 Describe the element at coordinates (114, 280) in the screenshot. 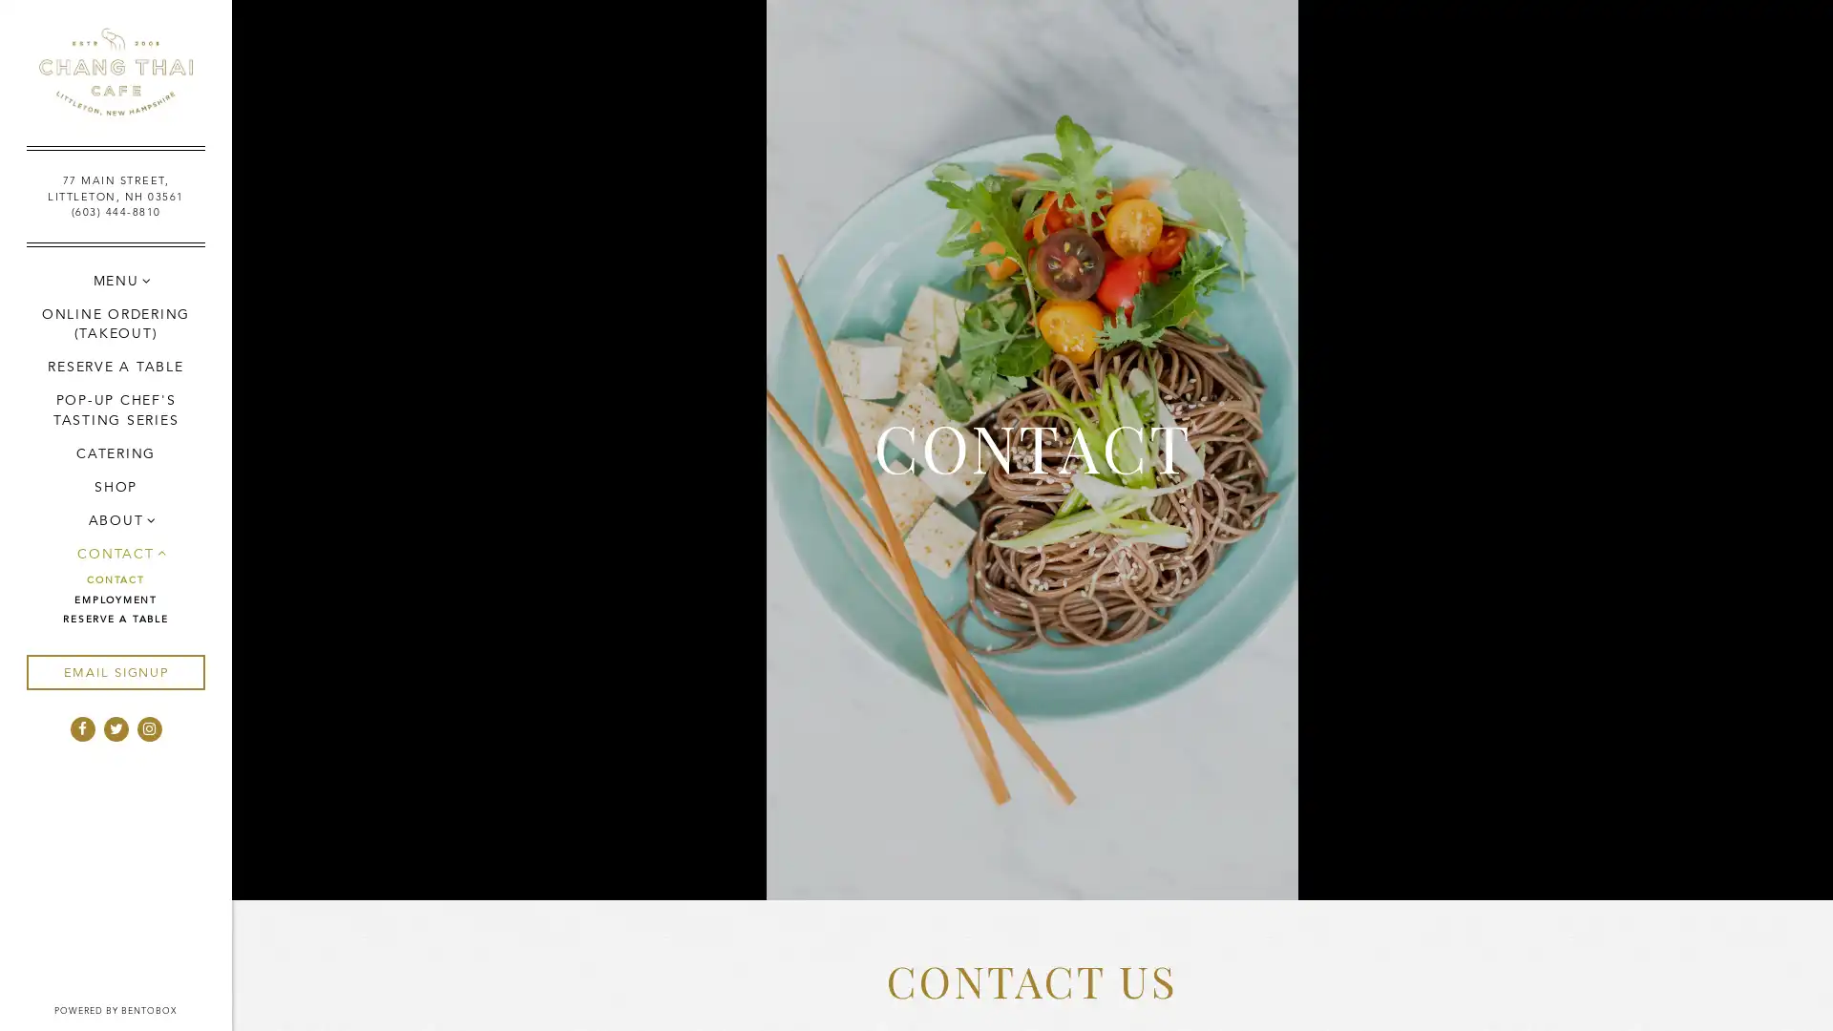

I see `MENU` at that location.